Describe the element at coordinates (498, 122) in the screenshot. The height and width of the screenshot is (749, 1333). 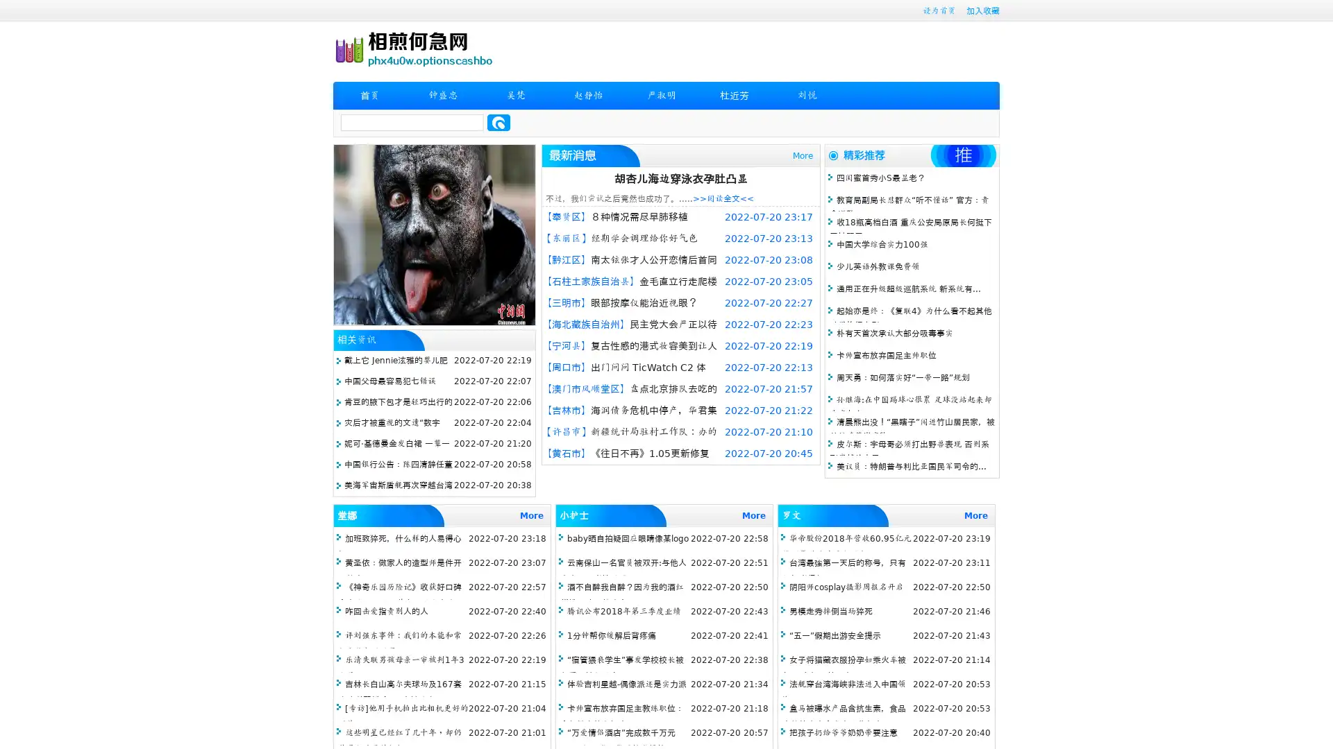
I see `Search` at that location.